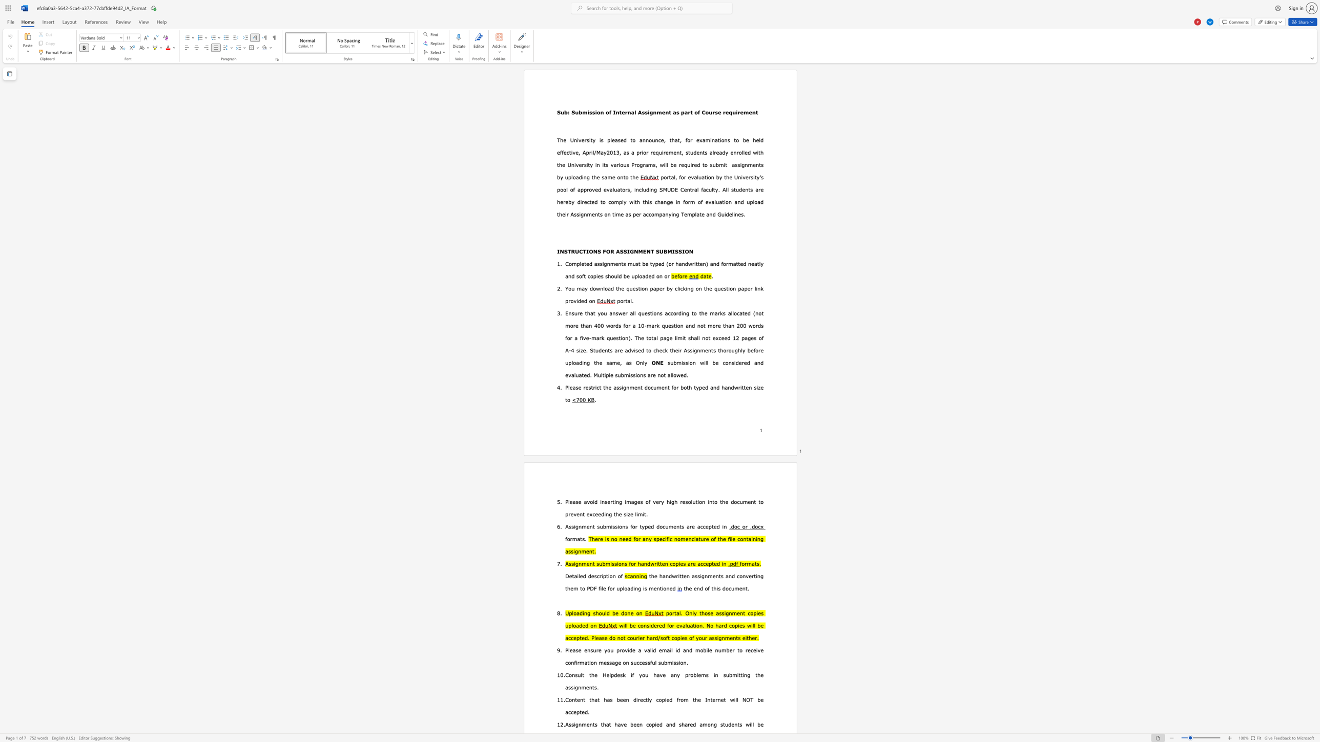 The width and height of the screenshot is (1320, 742). I want to click on the subset text "or .doc" within the text ".doc or .docx", so click(742, 526).